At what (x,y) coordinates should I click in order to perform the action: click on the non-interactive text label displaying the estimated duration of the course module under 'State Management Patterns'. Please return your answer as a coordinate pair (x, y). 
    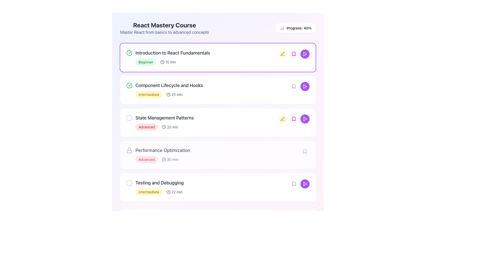
    Looking at the image, I should click on (173, 127).